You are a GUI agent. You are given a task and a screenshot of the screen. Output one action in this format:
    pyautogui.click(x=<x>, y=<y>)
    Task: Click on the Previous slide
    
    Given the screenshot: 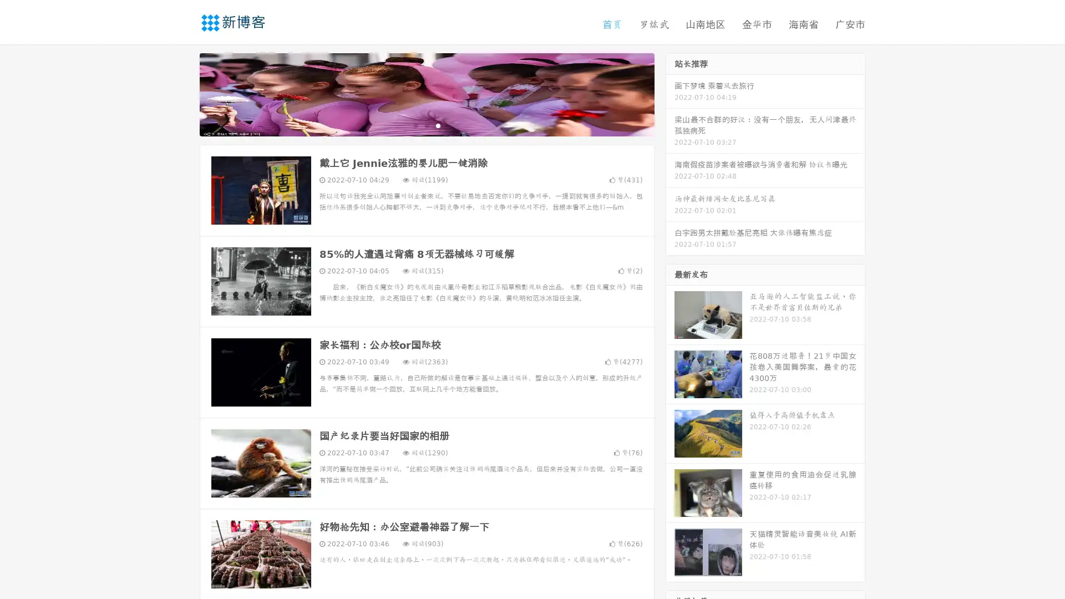 What is the action you would take?
    pyautogui.click(x=183, y=93)
    